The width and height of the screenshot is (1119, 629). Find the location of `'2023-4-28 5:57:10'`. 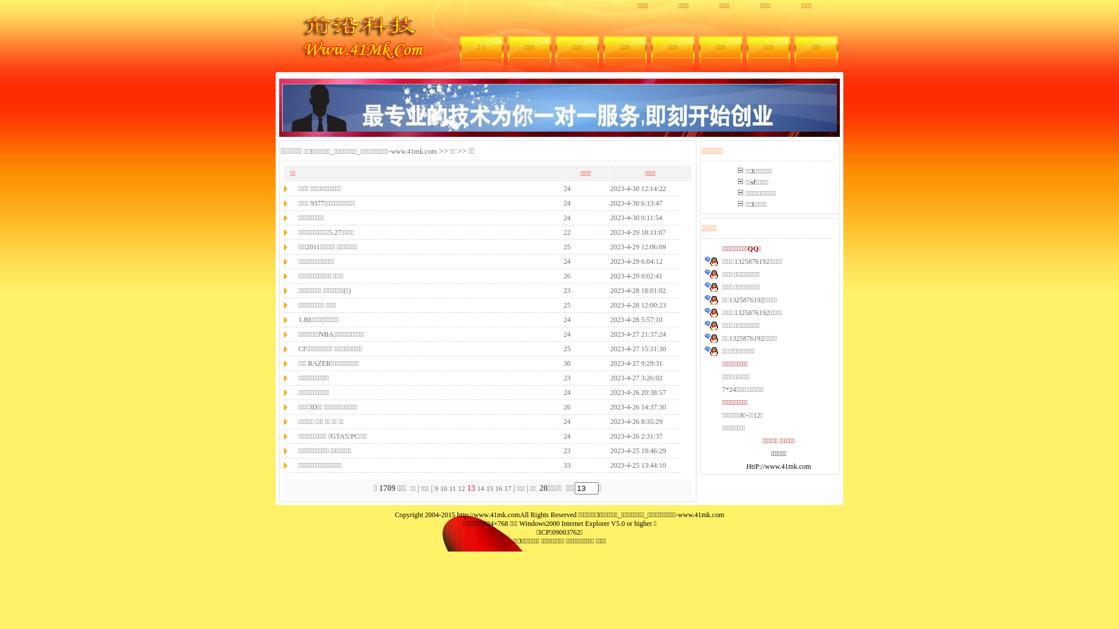

'2023-4-28 5:57:10' is located at coordinates (635, 319).